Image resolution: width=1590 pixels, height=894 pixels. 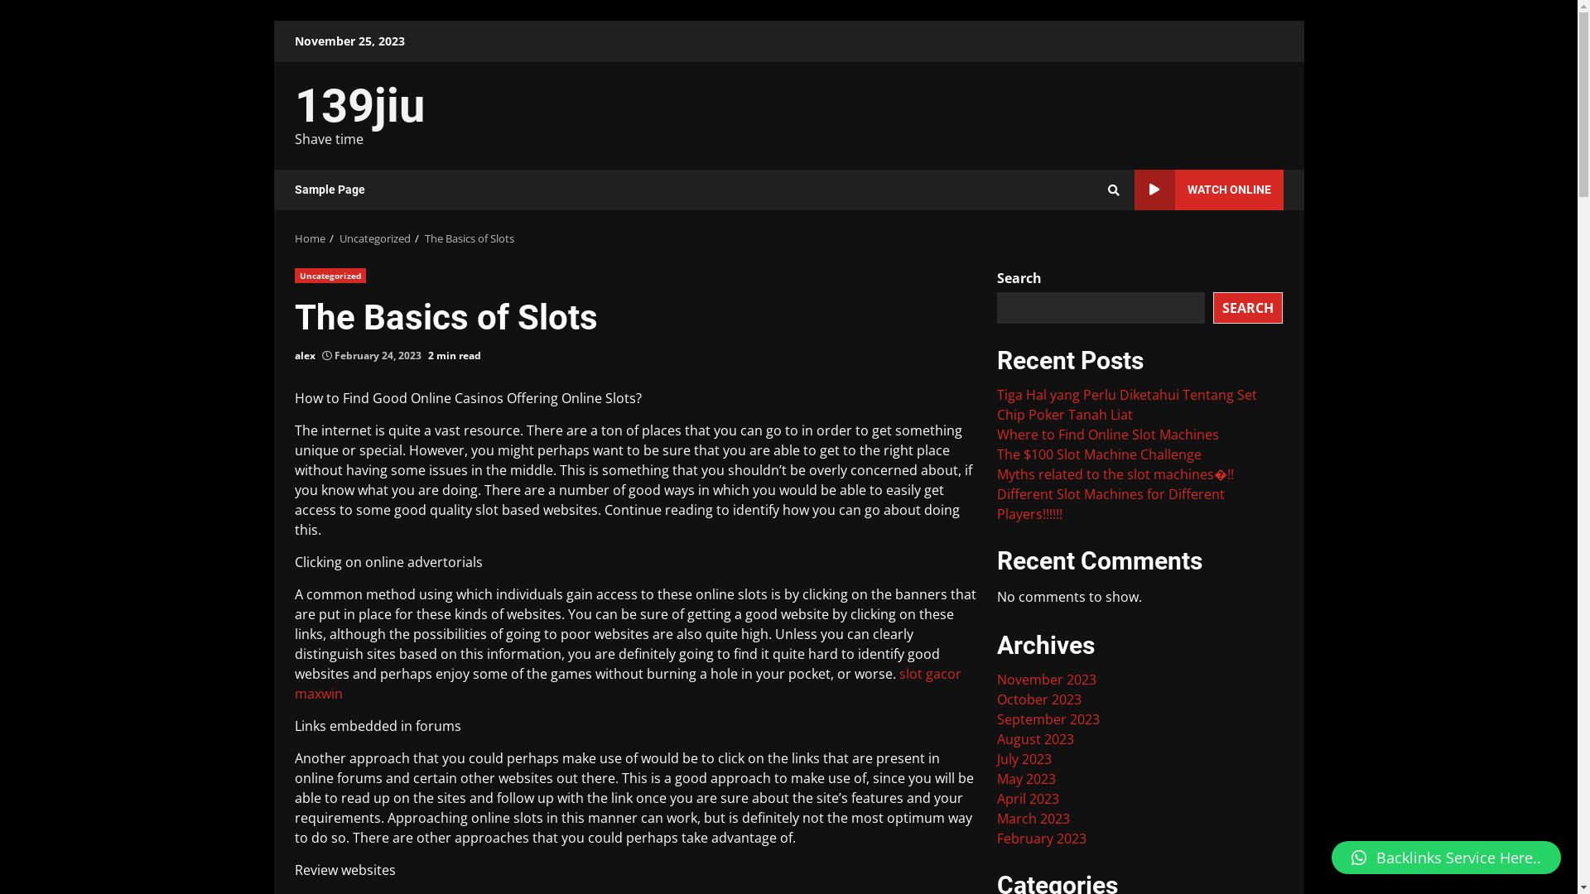 What do you see at coordinates (1048, 718) in the screenshot?
I see `'September 2023'` at bounding box center [1048, 718].